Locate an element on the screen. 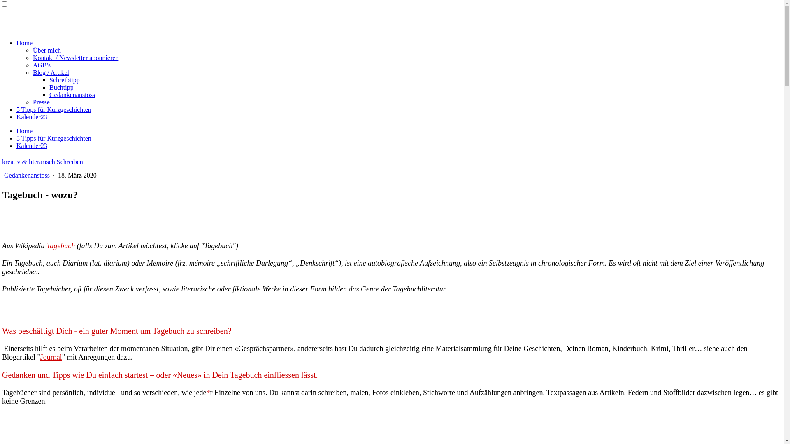 This screenshot has width=790, height=444. 'Blog / Artikel' is located at coordinates (51, 72).